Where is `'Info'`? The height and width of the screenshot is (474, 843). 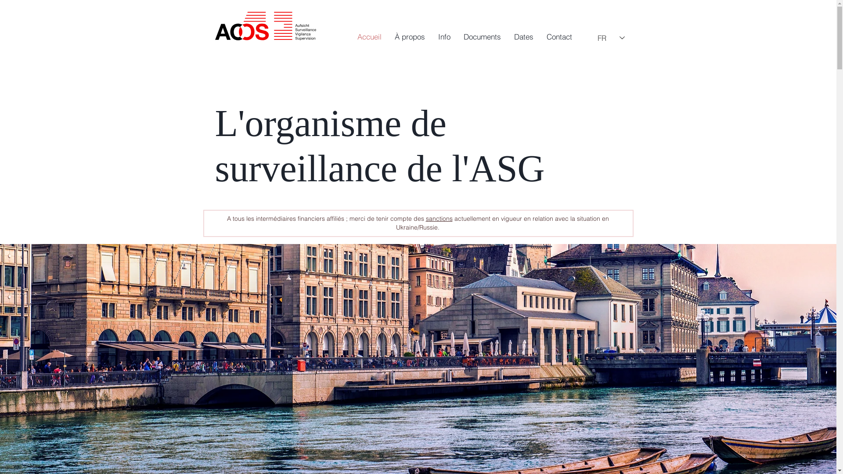 'Info' is located at coordinates (431, 36).